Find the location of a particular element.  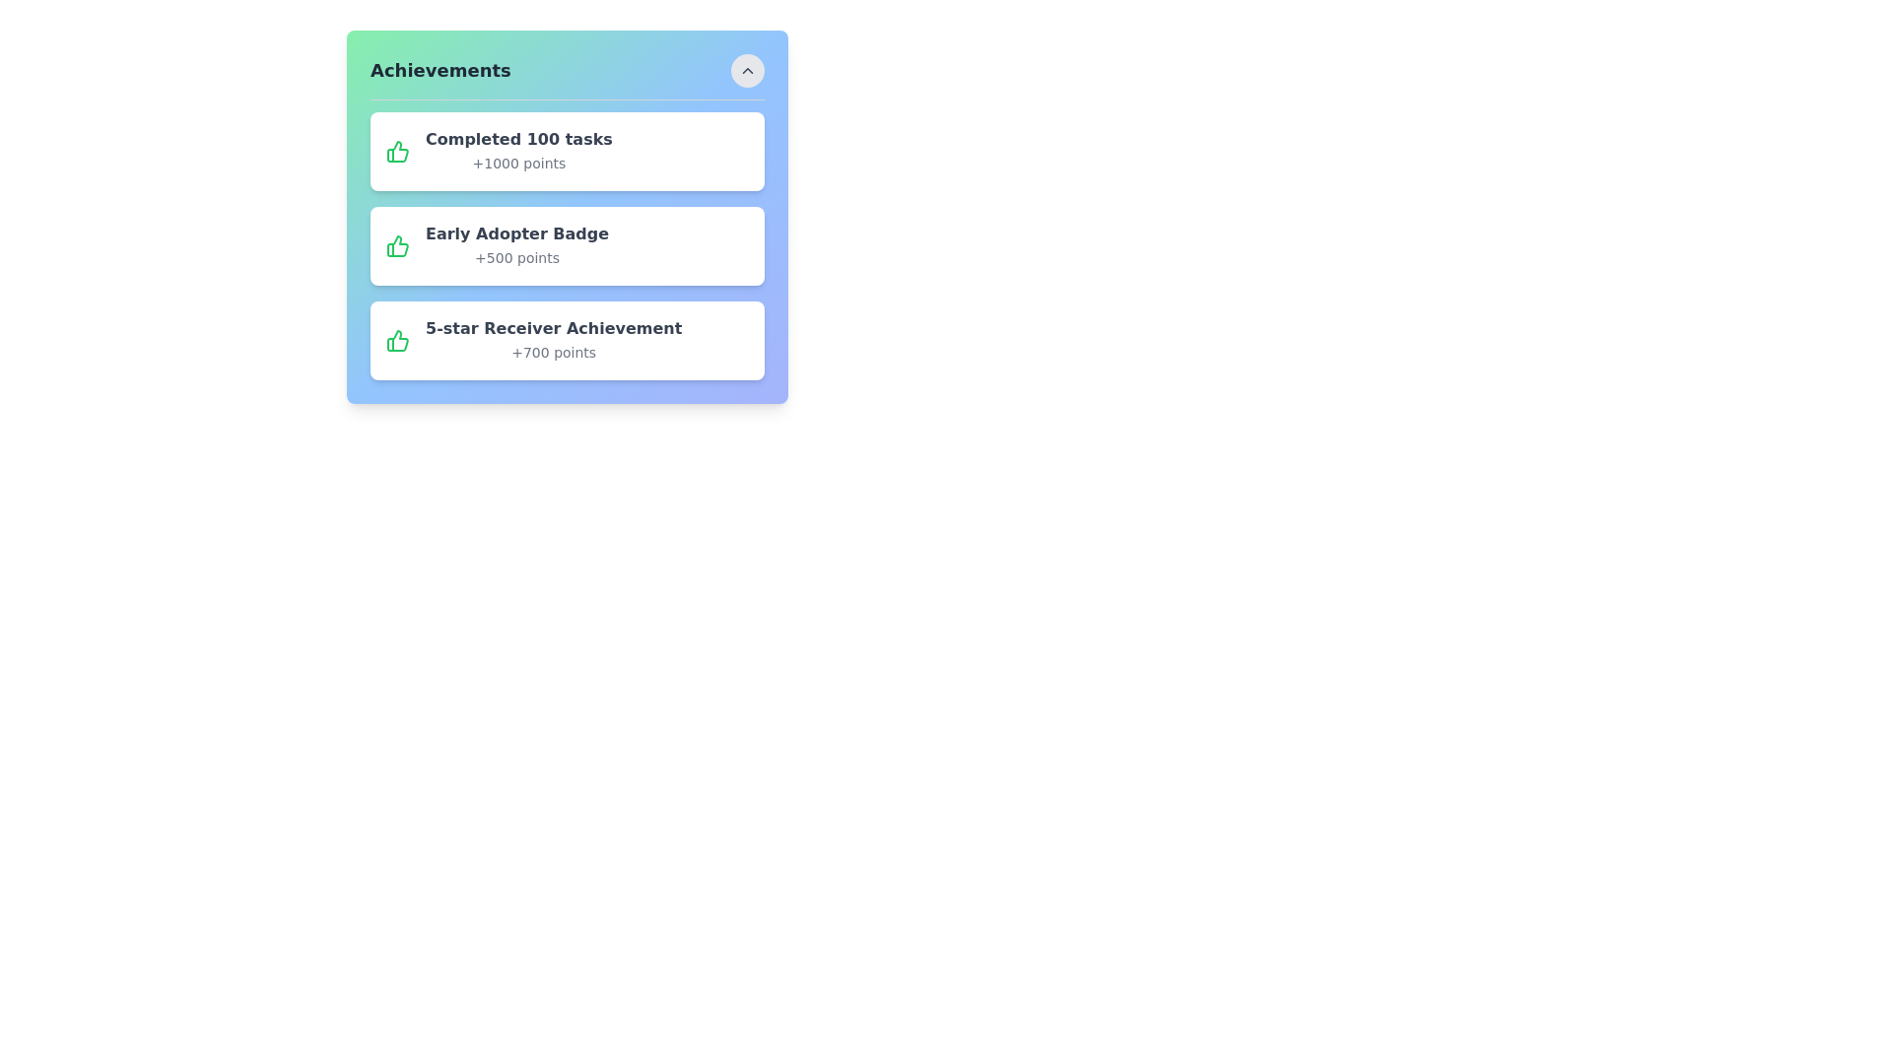

text element displaying '+700 points' located at the bottom-right corner of the '5-star Receiver Achievement' card to understand the reward points is located at coordinates (553, 352).